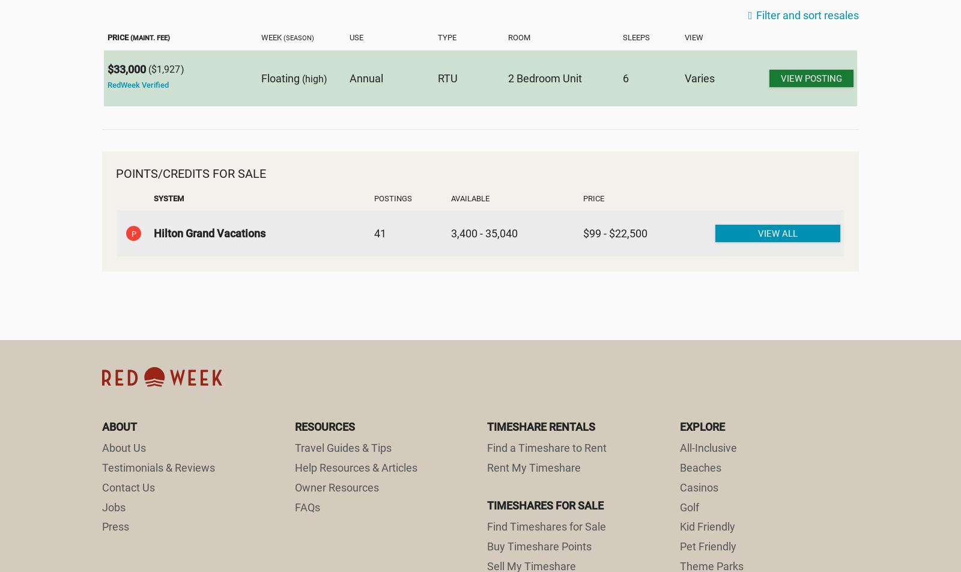 Image resolution: width=961 pixels, height=572 pixels. Describe the element at coordinates (689, 507) in the screenshot. I see `'Golf'` at that location.